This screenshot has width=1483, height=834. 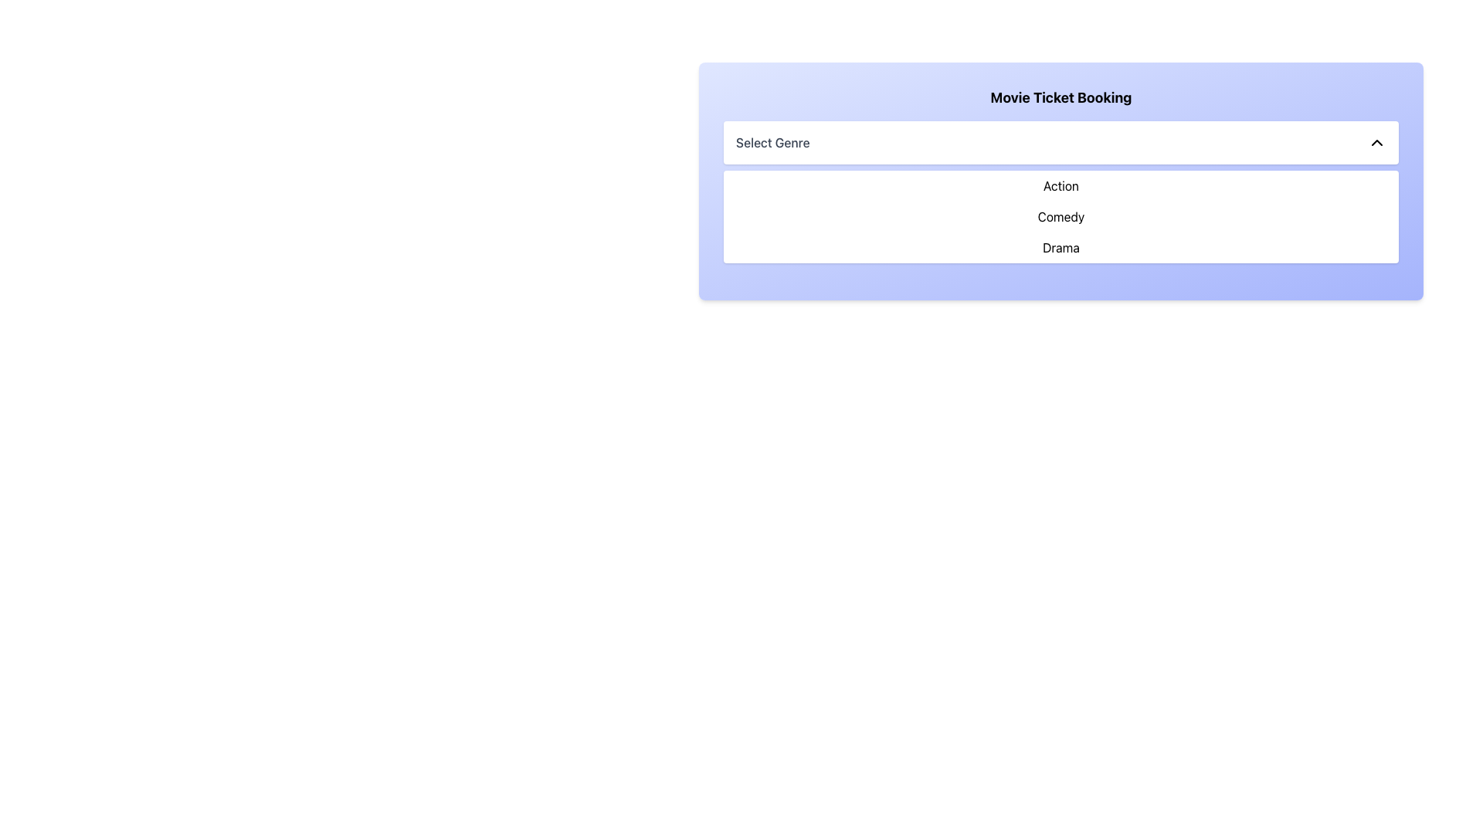 I want to click on the first menu item 'Action' in the dropdown menu titled 'Select Genre', so click(x=1060, y=185).